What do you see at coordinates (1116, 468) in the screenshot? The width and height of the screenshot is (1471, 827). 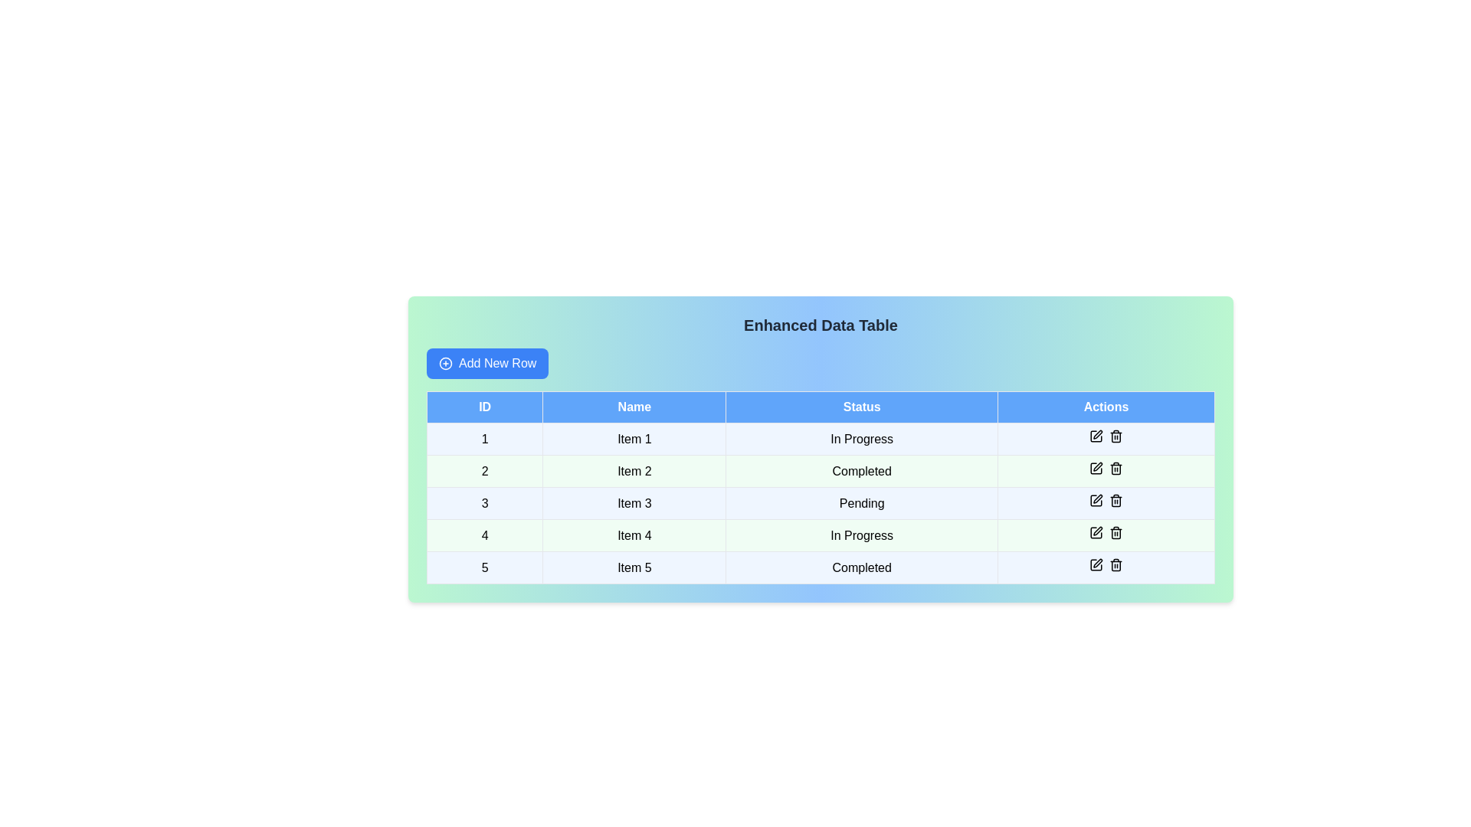 I see `the delete icon located in the 'Actions' column of the fourth row in the data table` at bounding box center [1116, 468].